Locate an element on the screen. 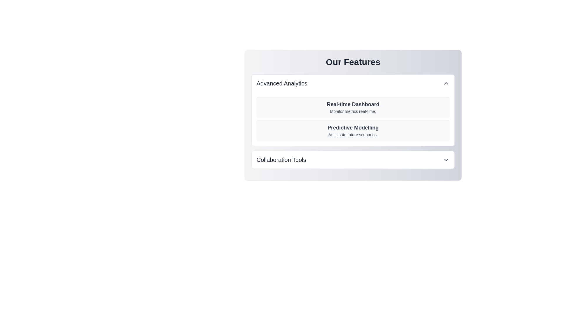 This screenshot has width=561, height=315. the chevron icon on the far-right side of the 'Advanced Analytics' section header is located at coordinates (446, 83).